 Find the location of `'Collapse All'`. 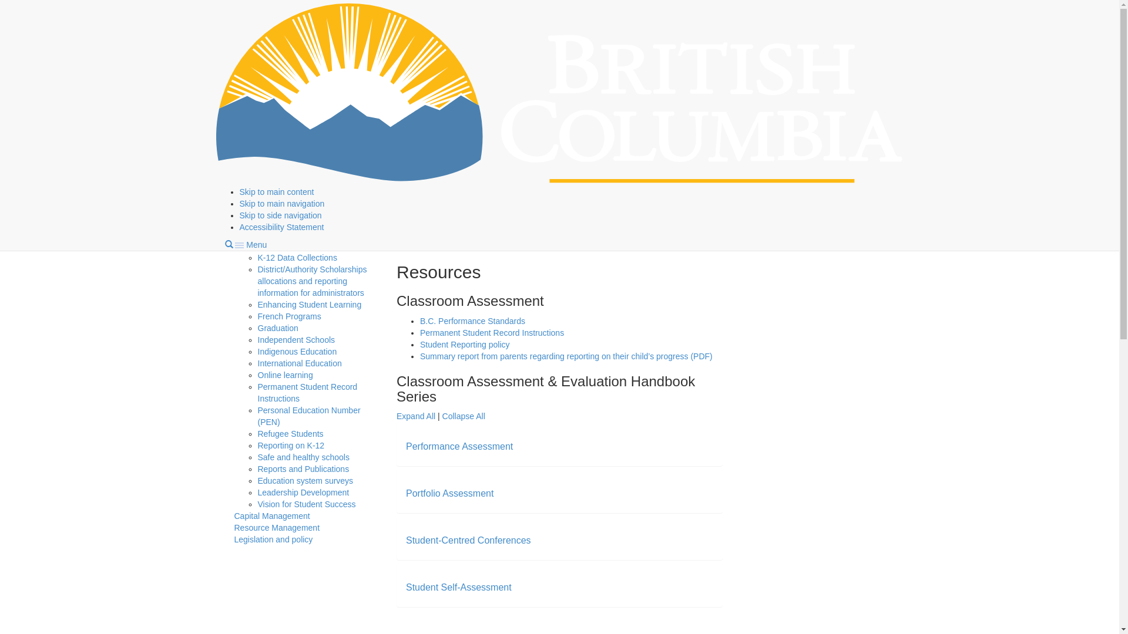

'Collapse All' is located at coordinates (463, 416).